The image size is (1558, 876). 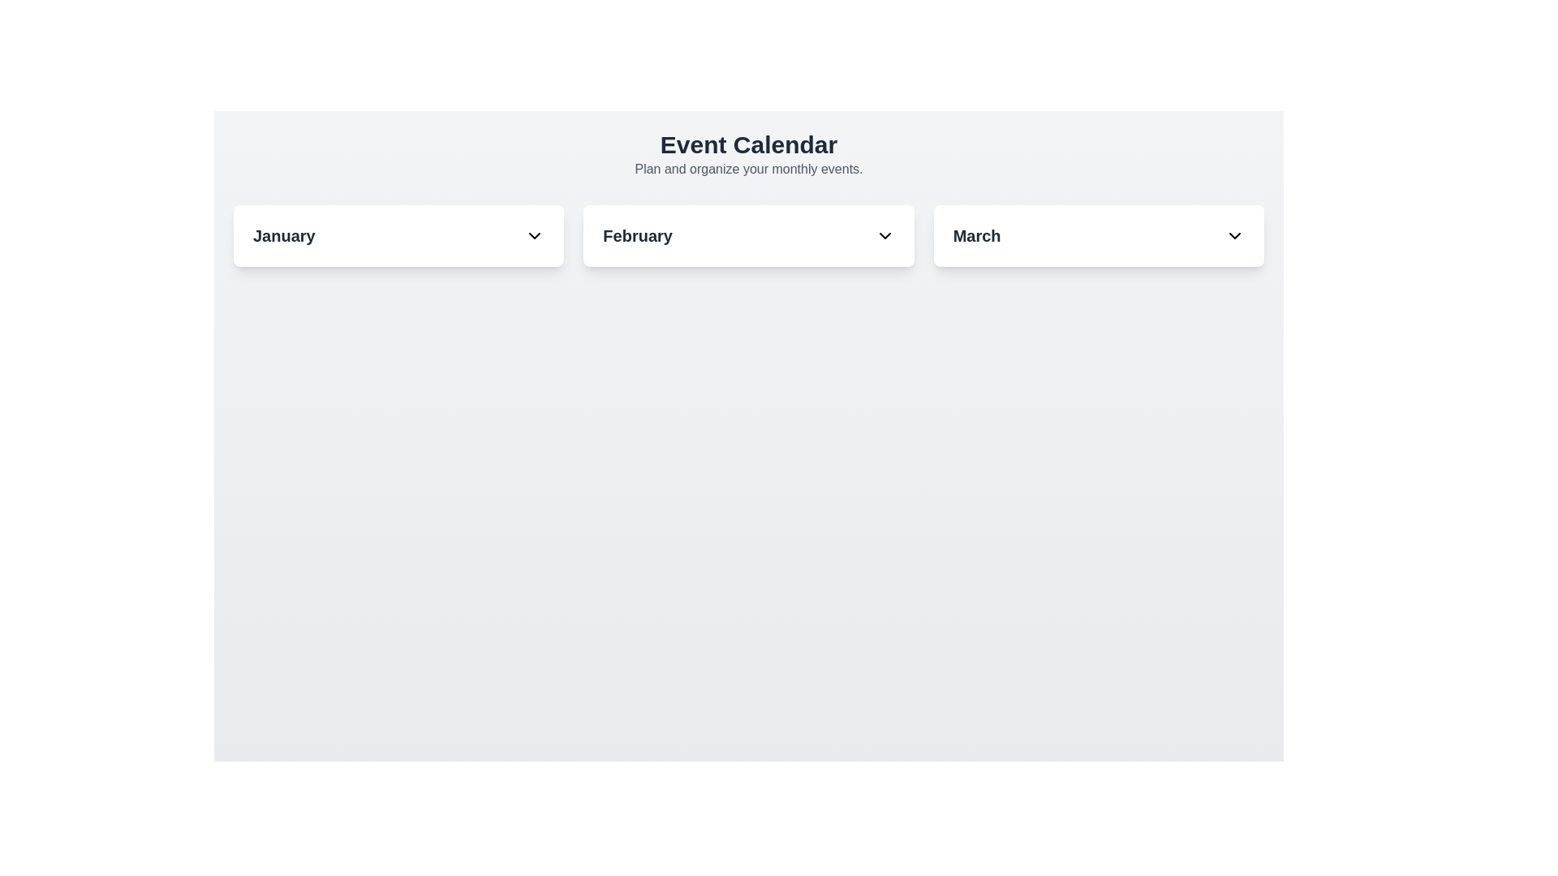 I want to click on the chevron arrow icon next to the 'February' dropdown, so click(x=884, y=235).